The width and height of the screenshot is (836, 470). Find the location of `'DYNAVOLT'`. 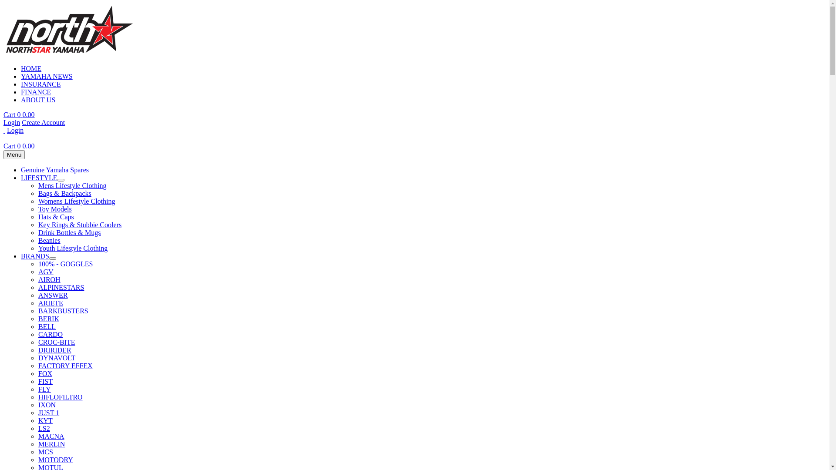

'DYNAVOLT' is located at coordinates (56, 358).